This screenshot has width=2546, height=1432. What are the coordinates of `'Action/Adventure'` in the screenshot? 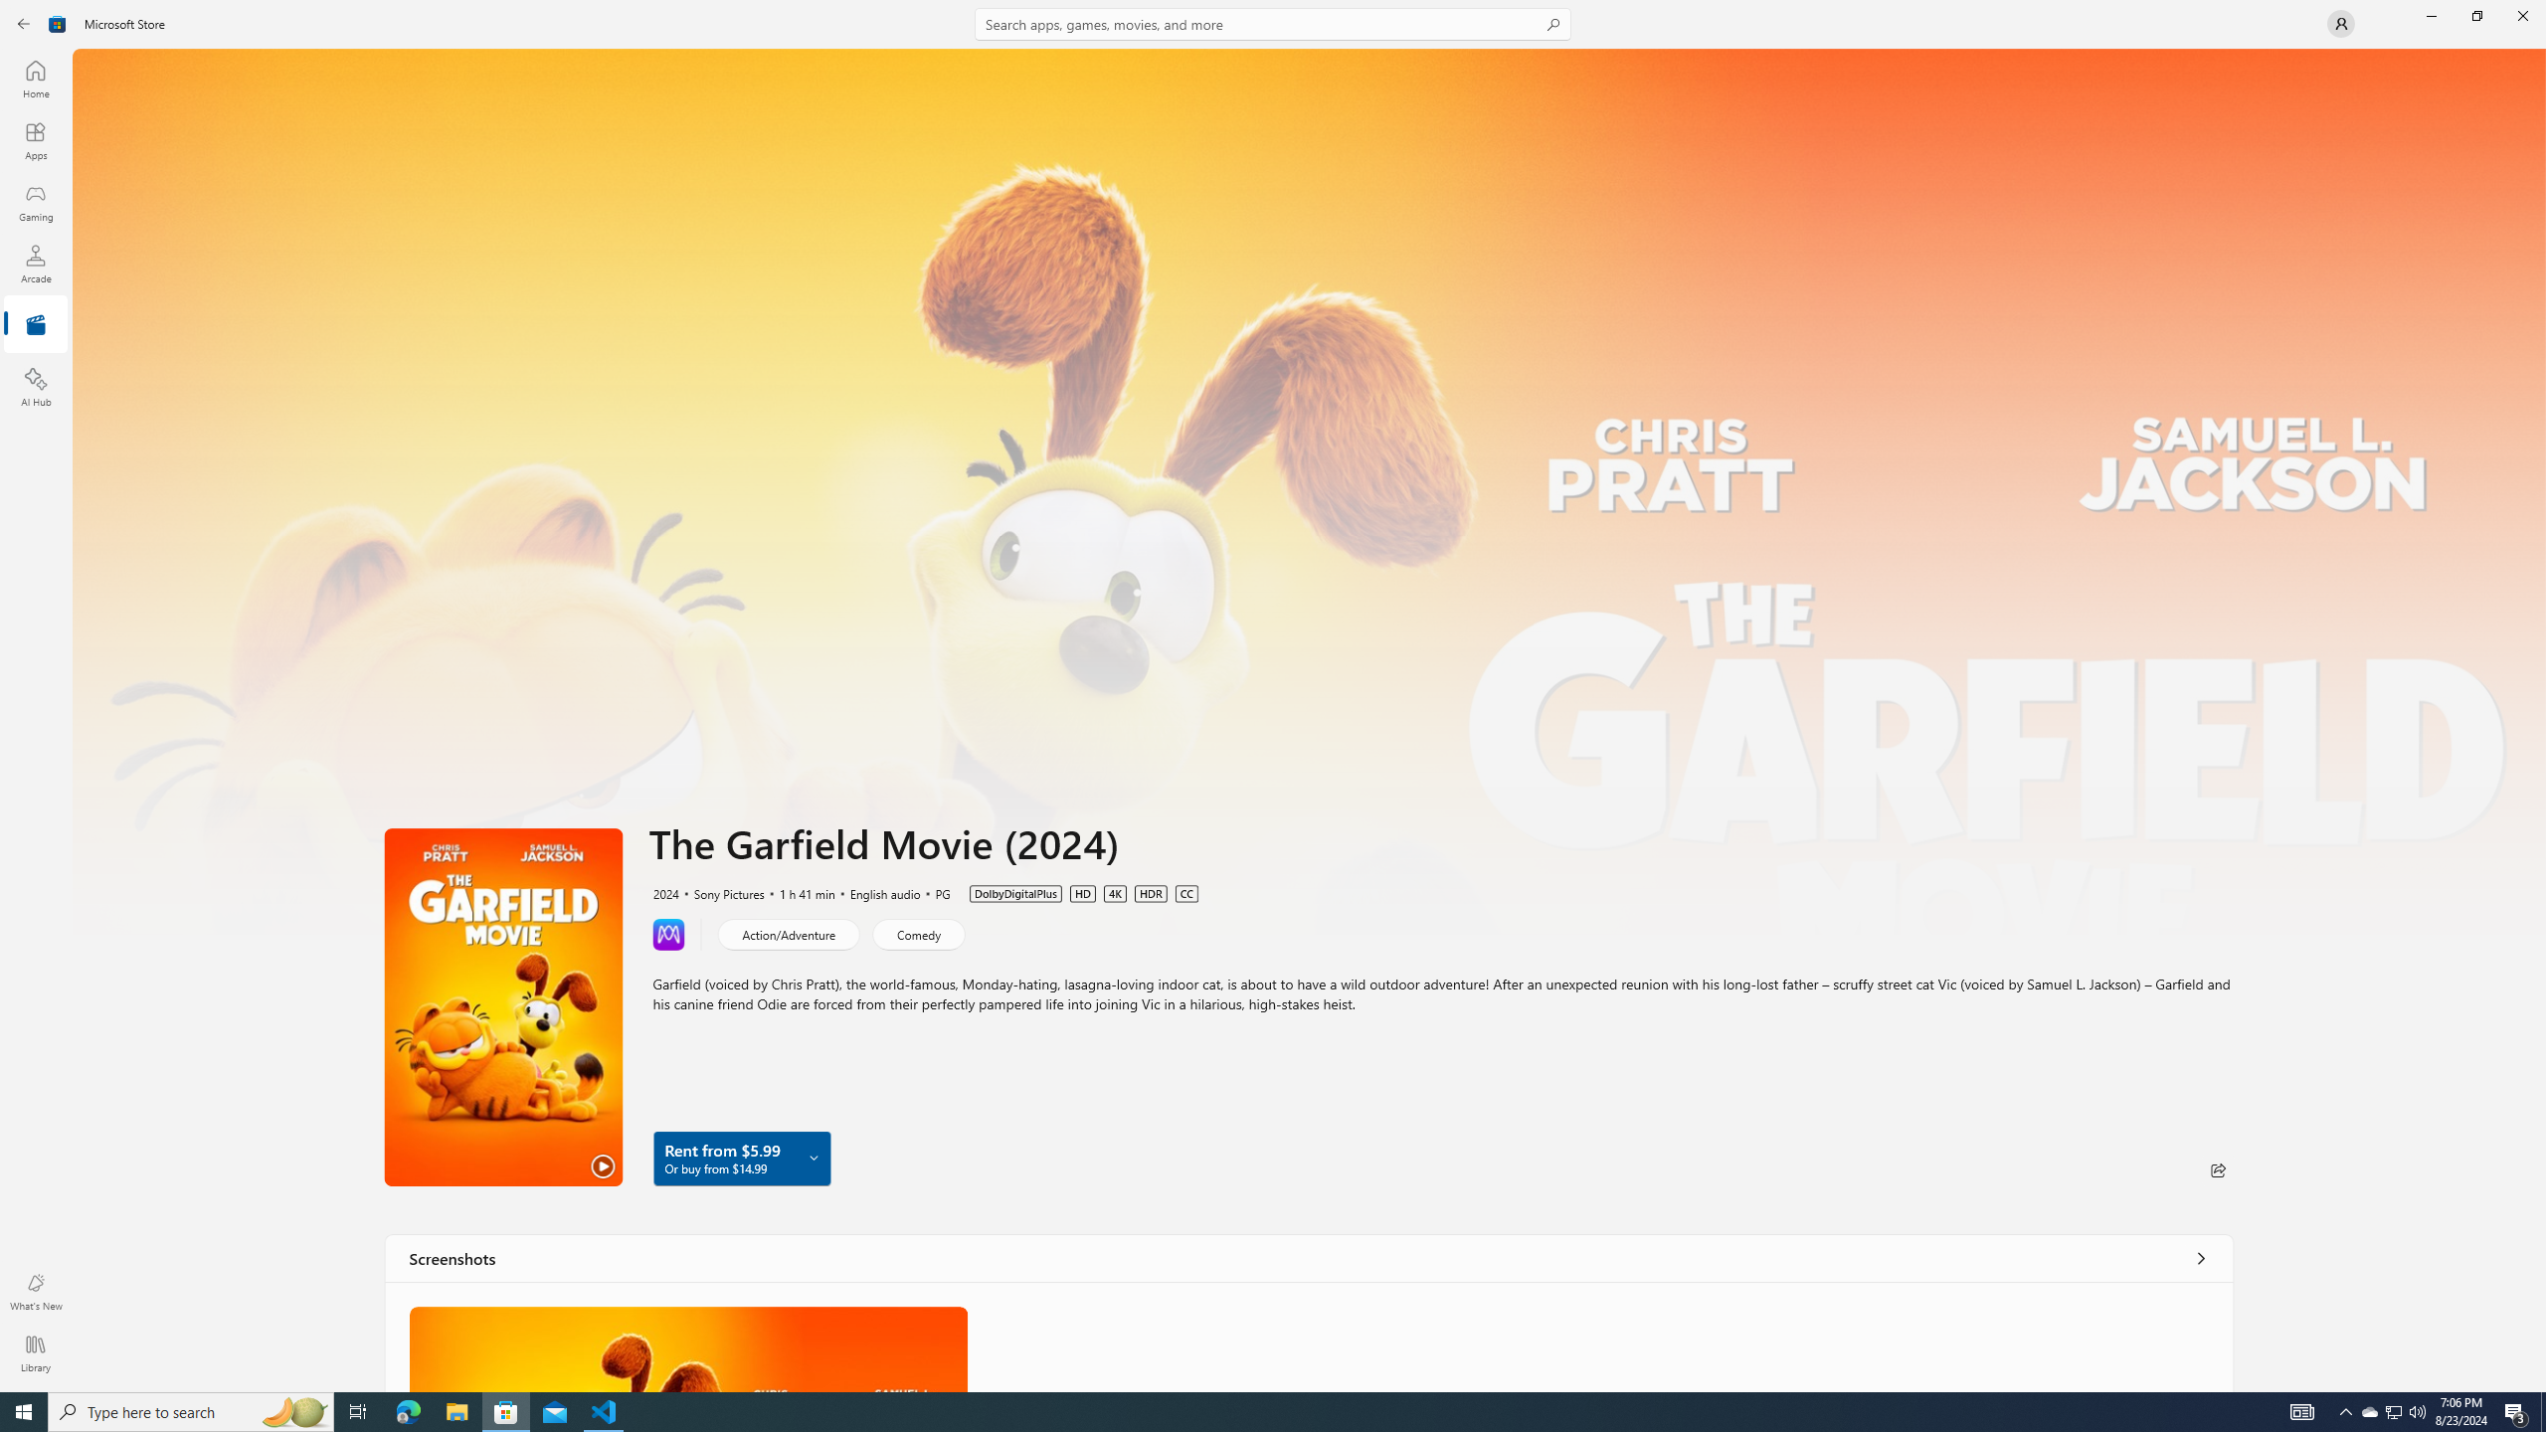 It's located at (788, 933).